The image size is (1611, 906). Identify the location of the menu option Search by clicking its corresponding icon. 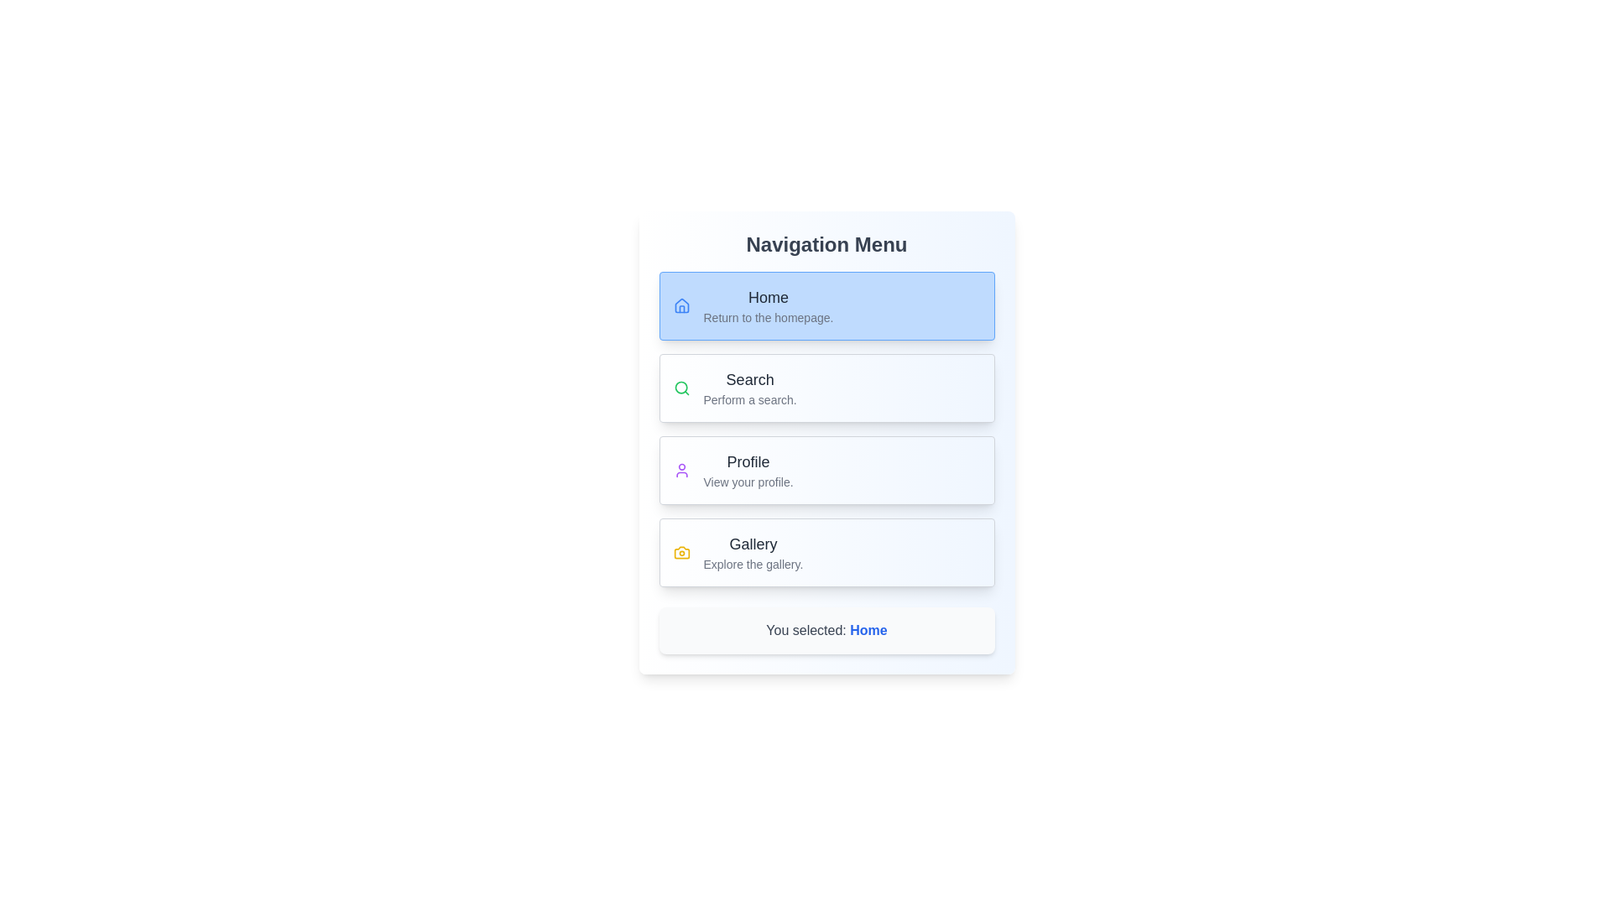
(681, 388).